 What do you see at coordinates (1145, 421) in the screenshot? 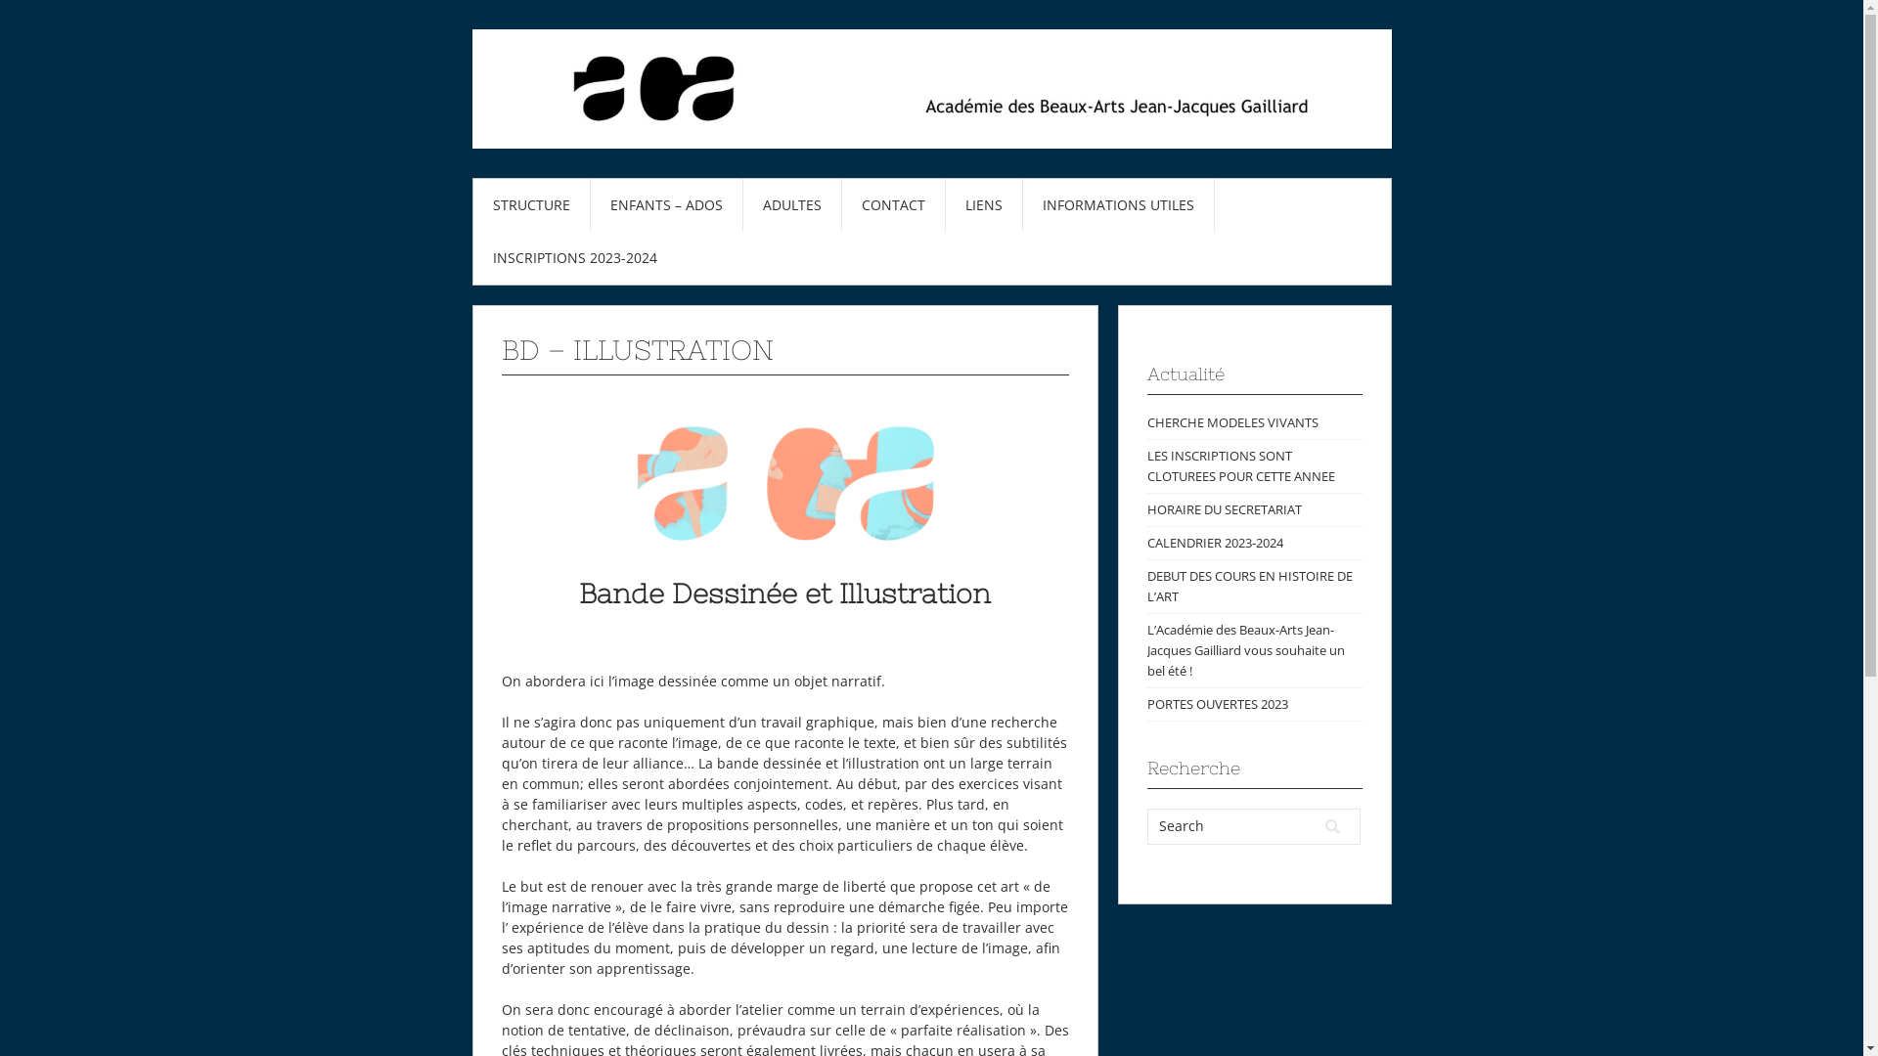
I see `'CHERCHE MODELES VIVANTS'` at bounding box center [1145, 421].